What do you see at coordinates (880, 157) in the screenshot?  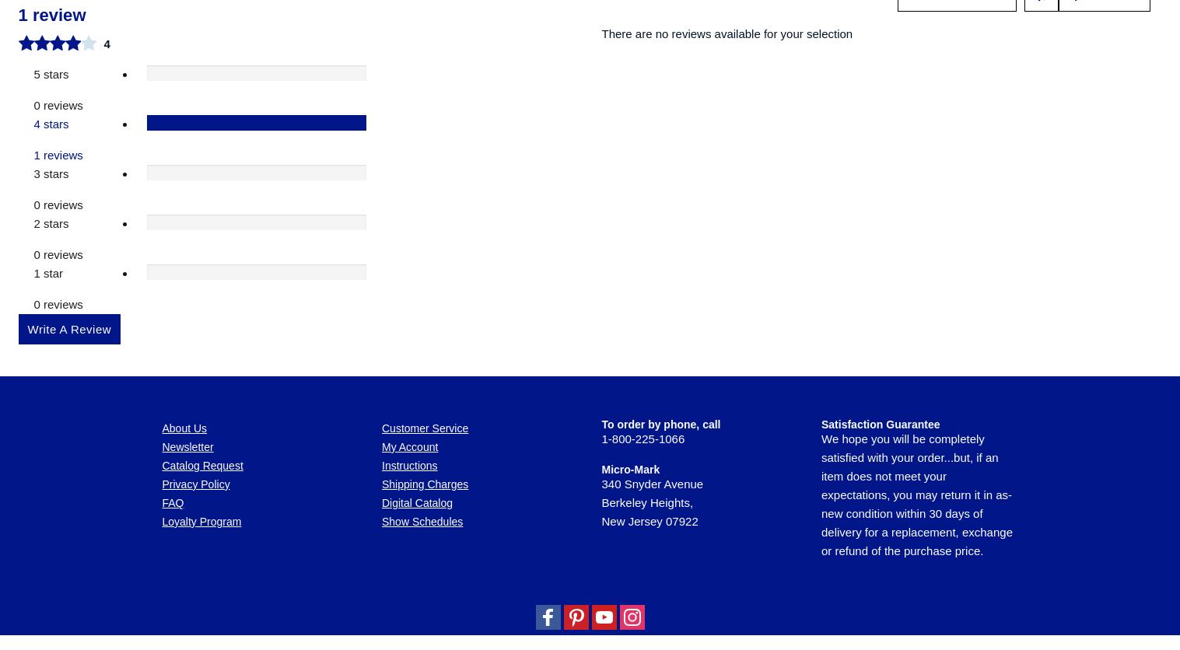 I see `'Satisfaction Guarantee'` at bounding box center [880, 157].